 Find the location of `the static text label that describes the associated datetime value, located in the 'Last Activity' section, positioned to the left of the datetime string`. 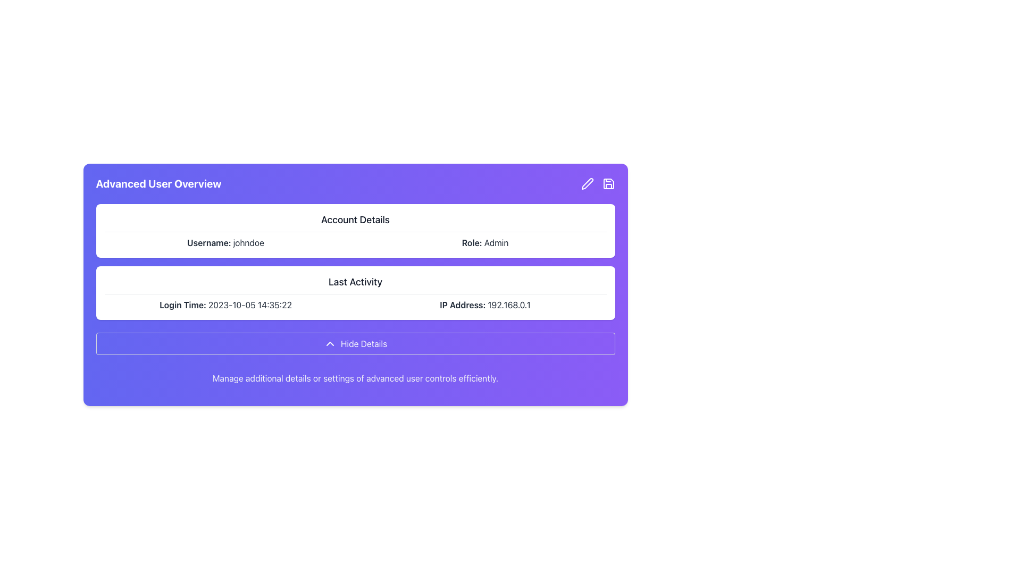

the static text label that describes the associated datetime value, located in the 'Last Activity' section, positioned to the left of the datetime string is located at coordinates (183, 305).